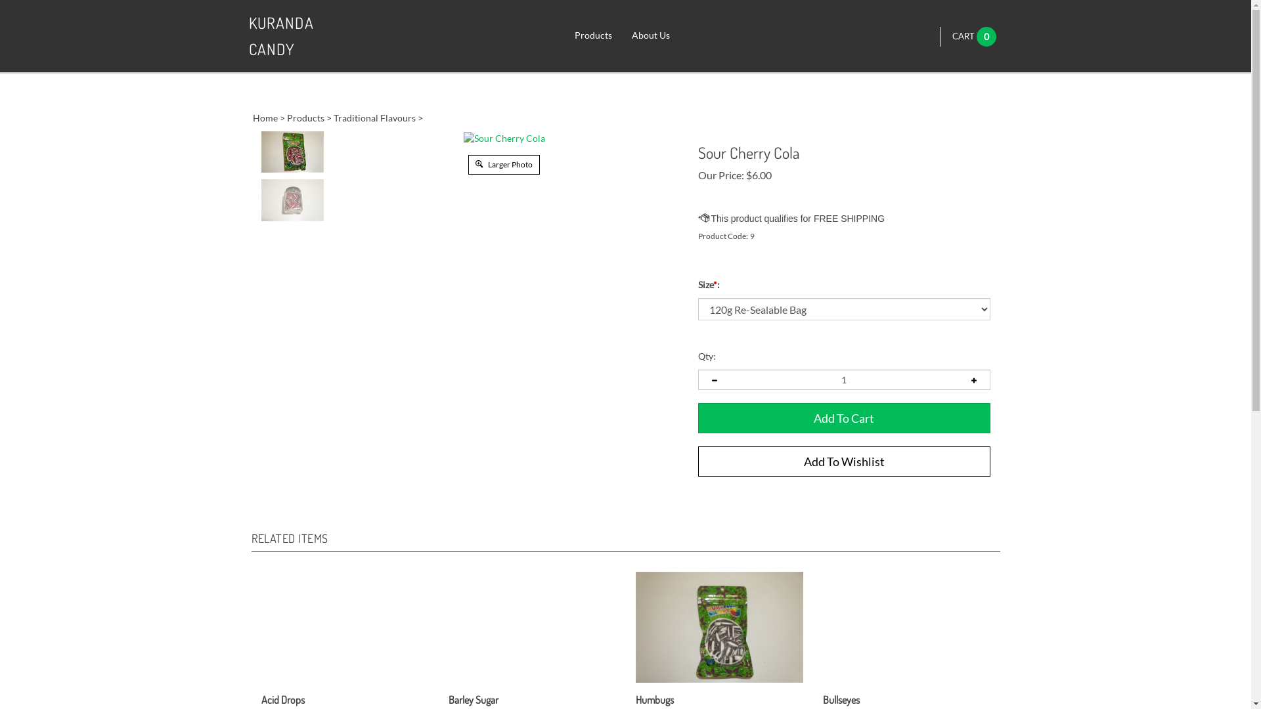 Image resolution: width=1261 pixels, height=709 pixels. Describe the element at coordinates (822, 681) in the screenshot. I see `'Bullseyes'` at that location.